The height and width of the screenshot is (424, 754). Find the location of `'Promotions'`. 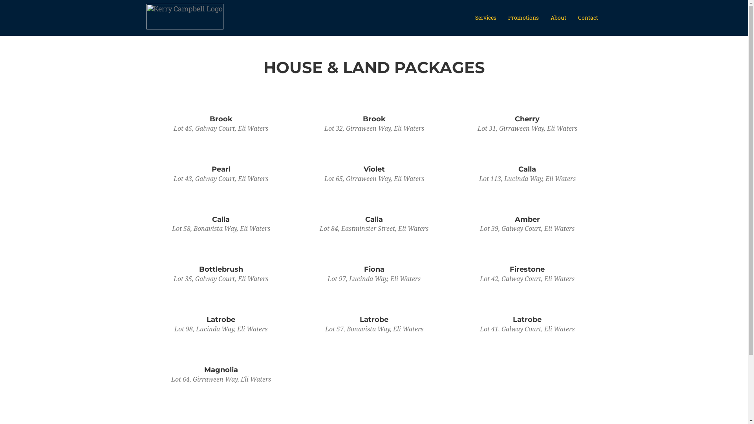

'Promotions' is located at coordinates (523, 18).